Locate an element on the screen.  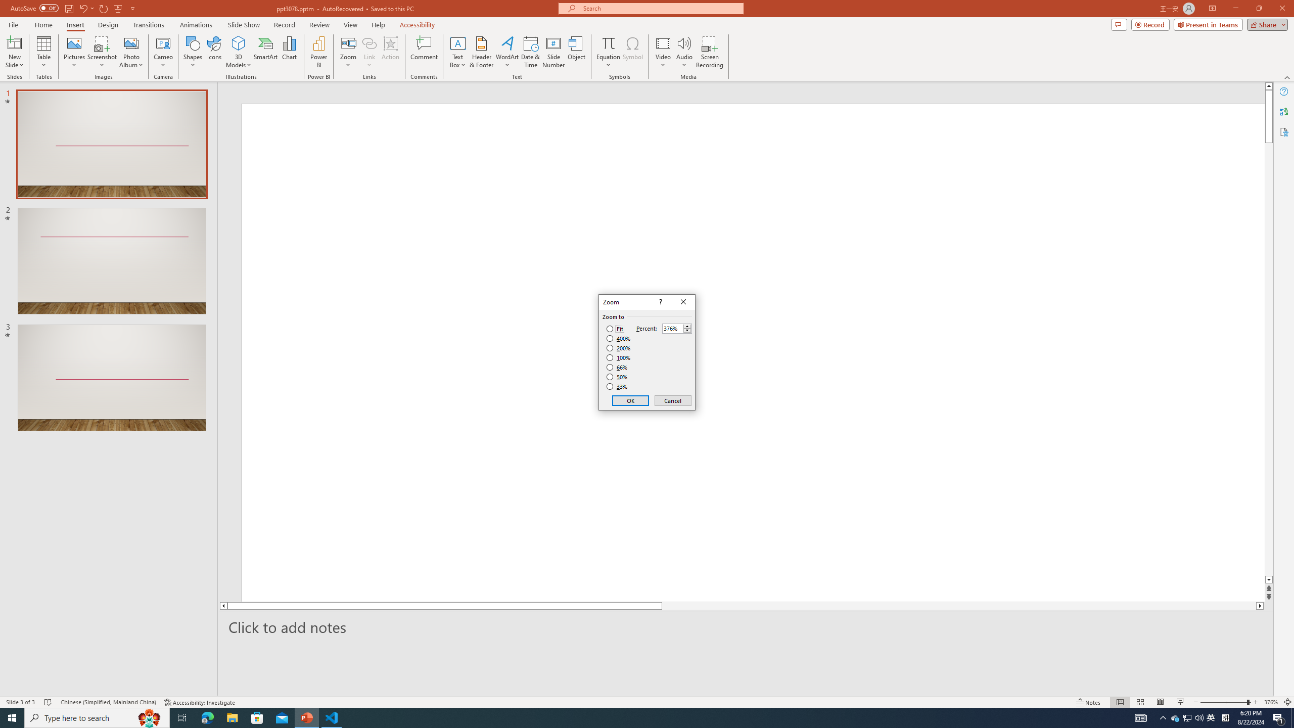
'Action' is located at coordinates (391, 52).